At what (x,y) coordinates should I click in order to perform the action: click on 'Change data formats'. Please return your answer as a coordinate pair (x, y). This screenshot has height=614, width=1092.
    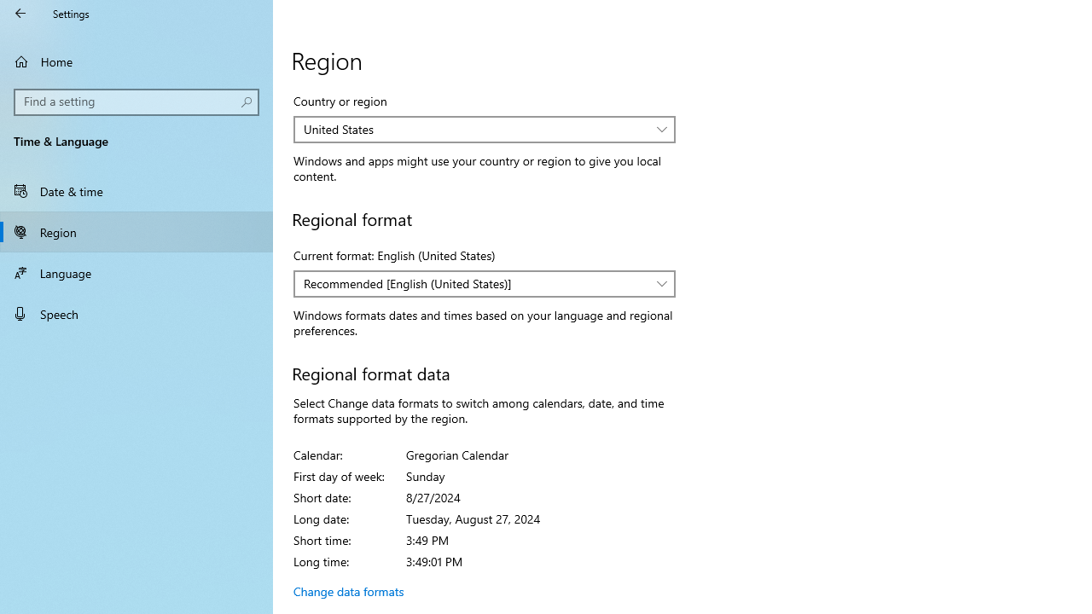
    Looking at the image, I should click on (347, 590).